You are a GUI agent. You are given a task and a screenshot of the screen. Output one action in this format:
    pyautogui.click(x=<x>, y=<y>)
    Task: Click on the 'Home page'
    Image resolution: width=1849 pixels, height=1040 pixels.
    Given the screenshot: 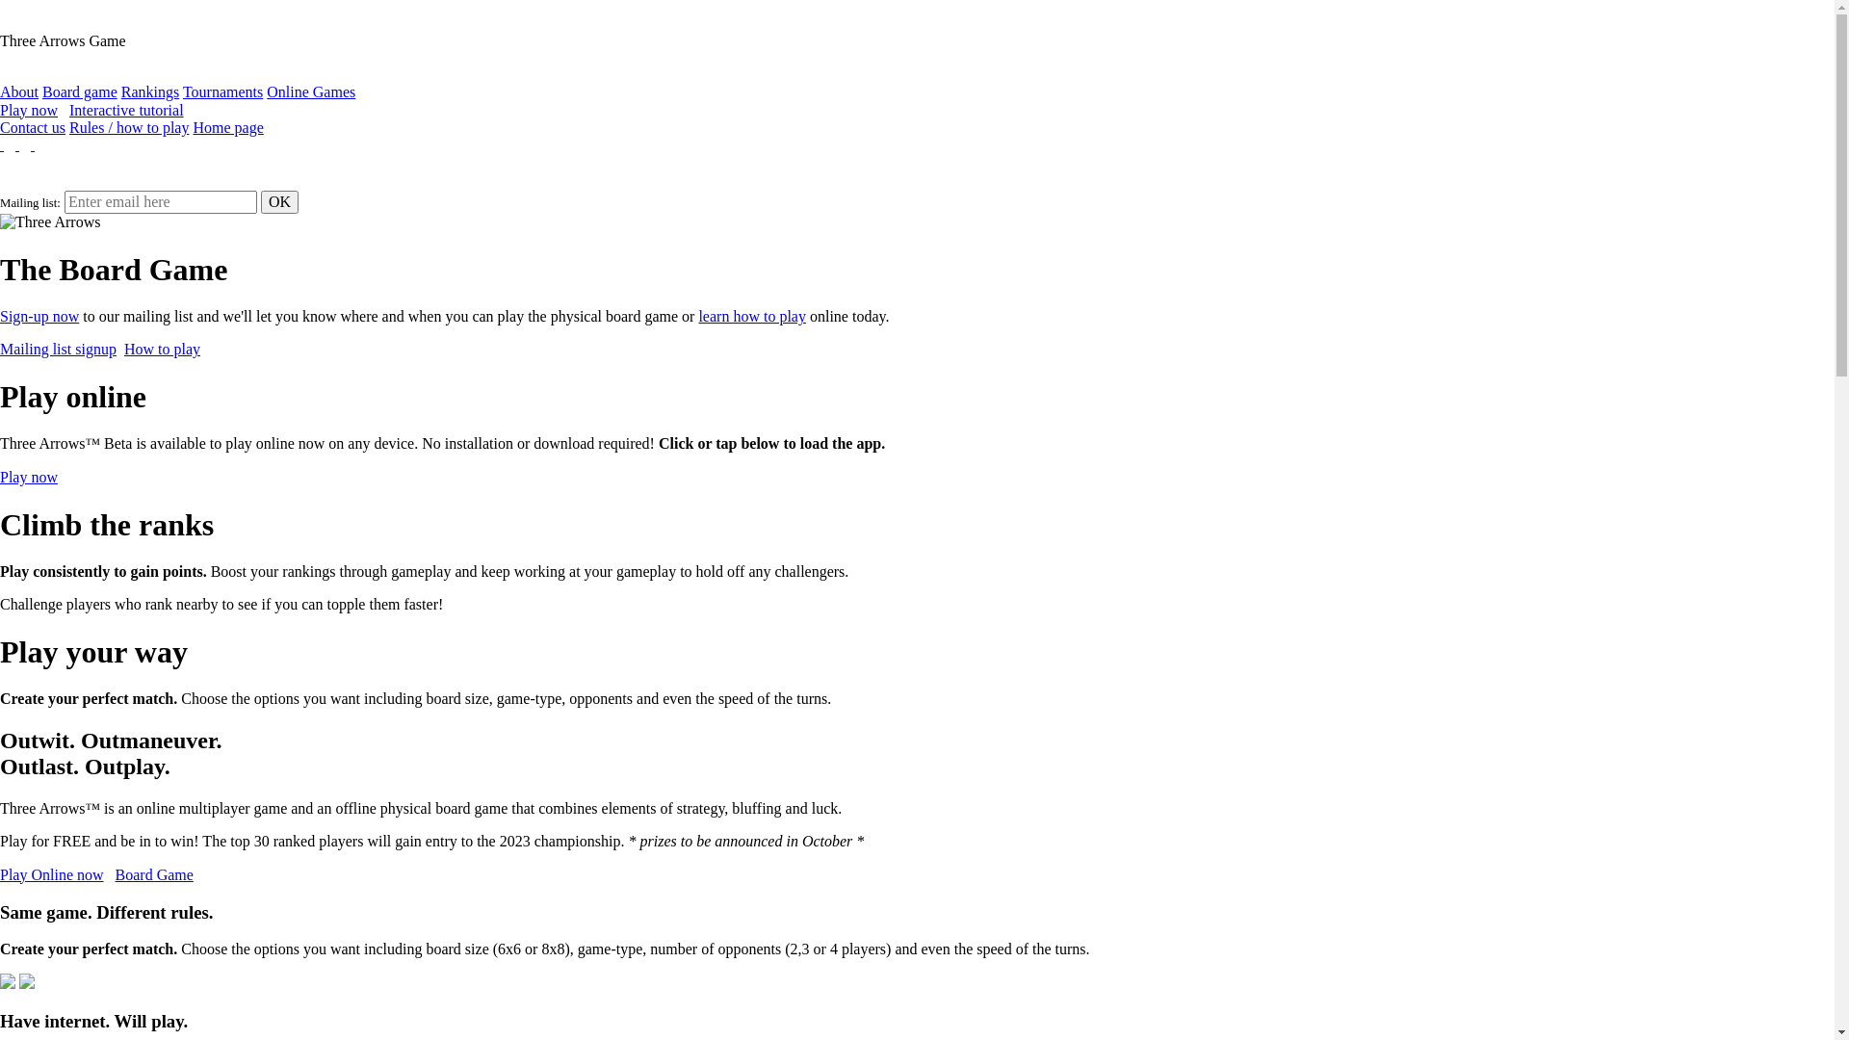 What is the action you would take?
    pyautogui.click(x=227, y=127)
    